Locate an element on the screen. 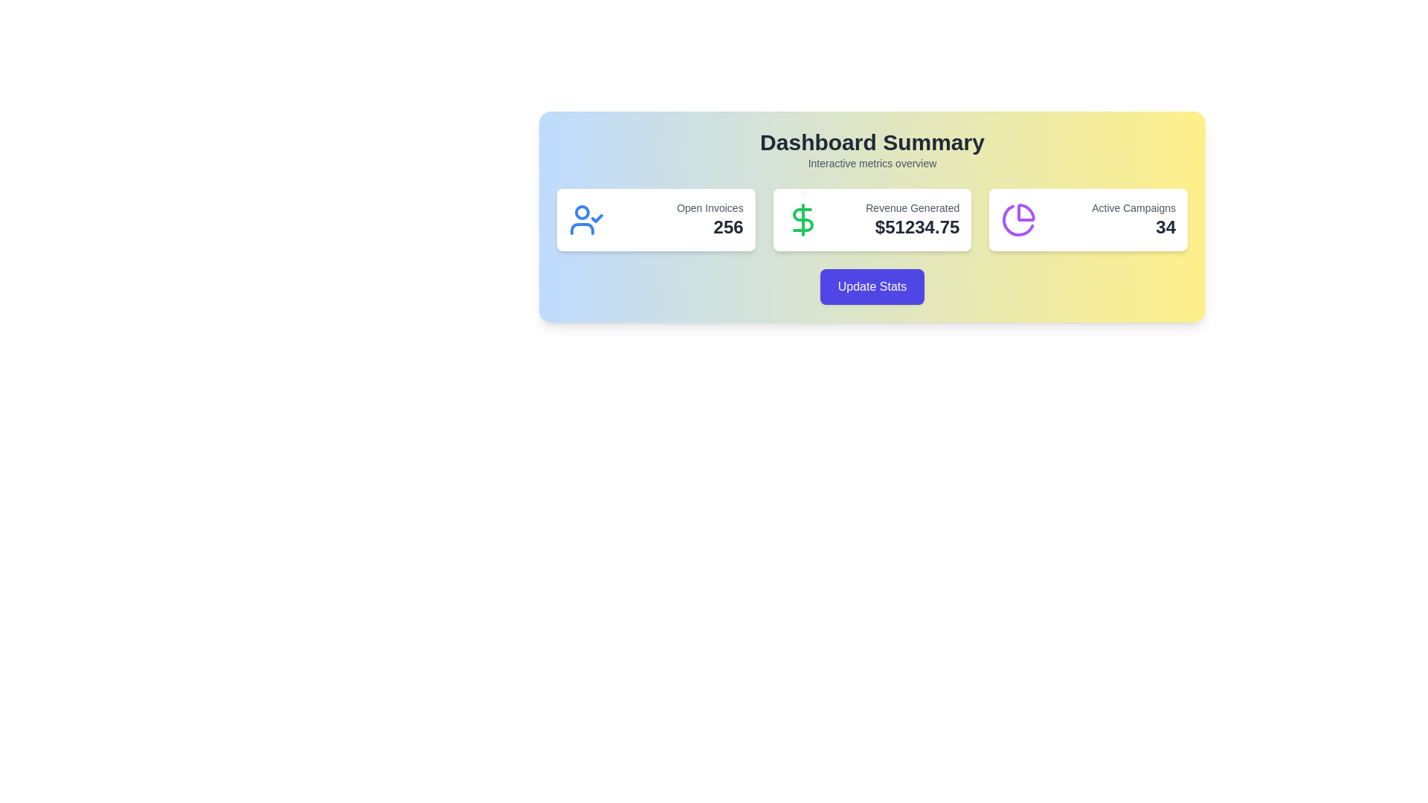 This screenshot has height=803, width=1428. the Text label that describes the revenue generated, positioned above the large bold text '$51234.75' in the second card of a row of cards is located at coordinates (912, 208).